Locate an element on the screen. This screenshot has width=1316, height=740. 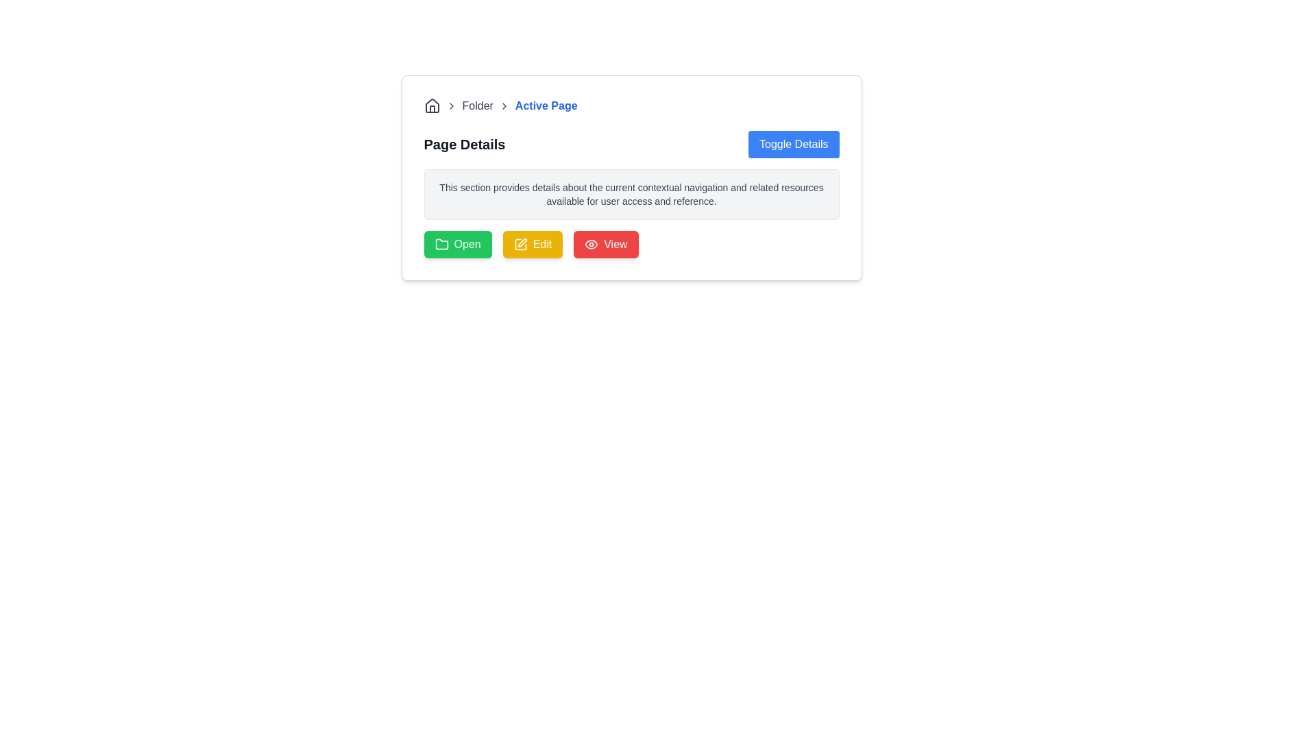
the house icon located in the breadcrumb navigation bar at the top left is located at coordinates (431, 105).